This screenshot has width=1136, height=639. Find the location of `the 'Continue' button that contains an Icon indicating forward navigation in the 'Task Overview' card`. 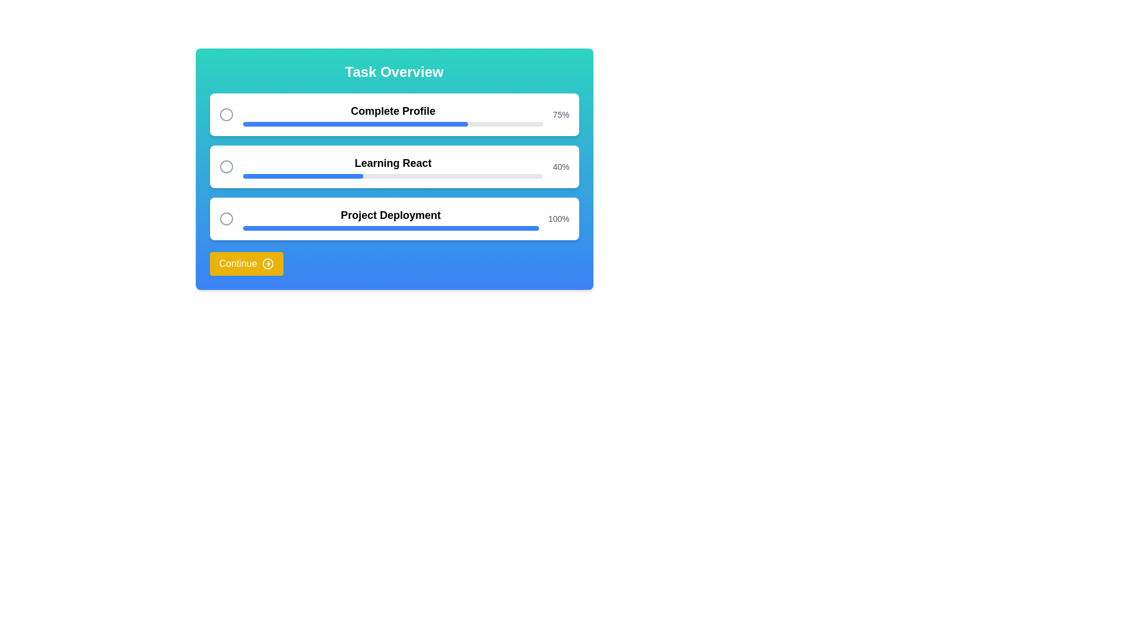

the 'Continue' button that contains an Icon indicating forward navigation in the 'Task Overview' card is located at coordinates (267, 263).